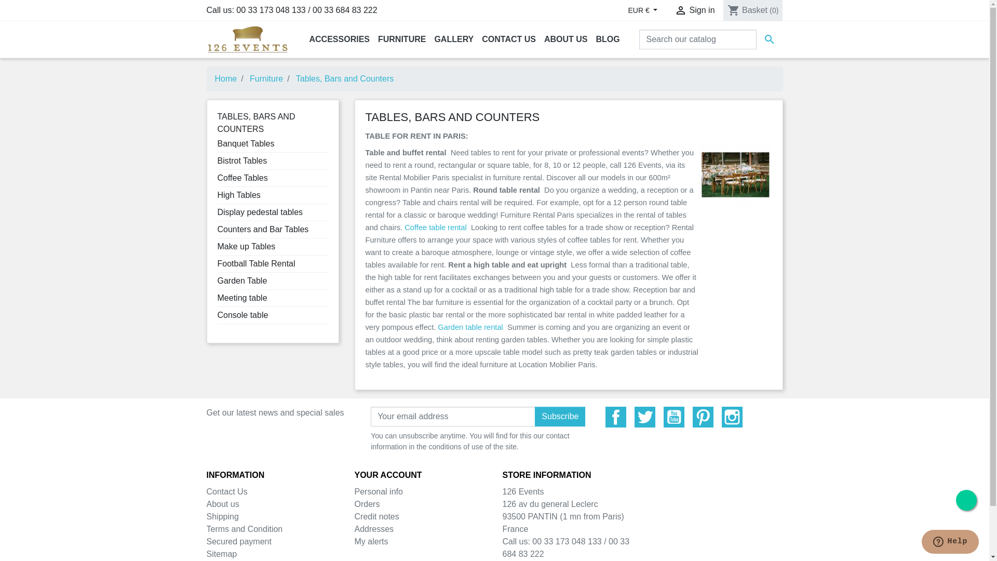 This screenshot has height=561, width=997. I want to click on 'Meeting table', so click(241, 298).